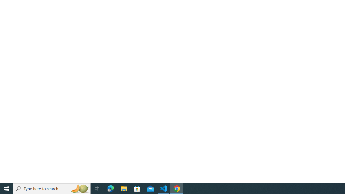 The image size is (345, 194). Describe the element at coordinates (97, 188) in the screenshot. I see `'Task View'` at that location.